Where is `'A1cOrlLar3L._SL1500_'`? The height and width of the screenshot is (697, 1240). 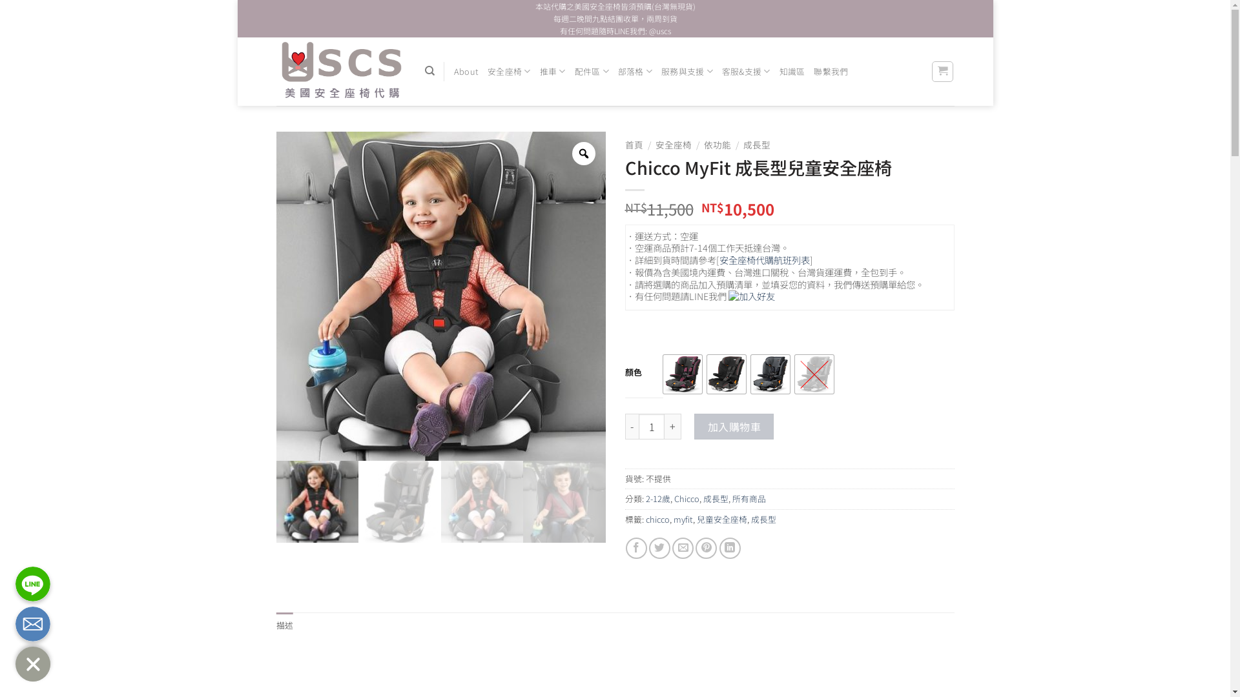 'A1cOrlLar3L._SL1500_' is located at coordinates (564, 501).